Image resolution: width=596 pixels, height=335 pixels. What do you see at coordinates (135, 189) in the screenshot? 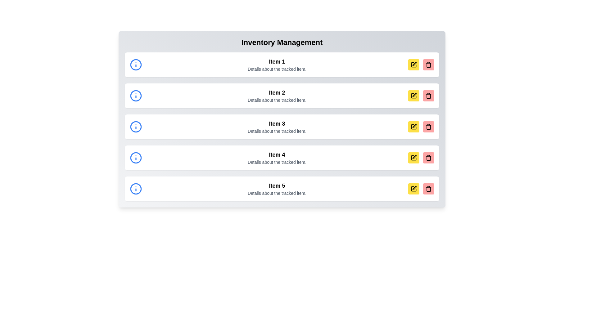
I see `the blue circular icon with an 'i' symbol, located in the row titled 'Item 5' before the textual details` at bounding box center [135, 189].